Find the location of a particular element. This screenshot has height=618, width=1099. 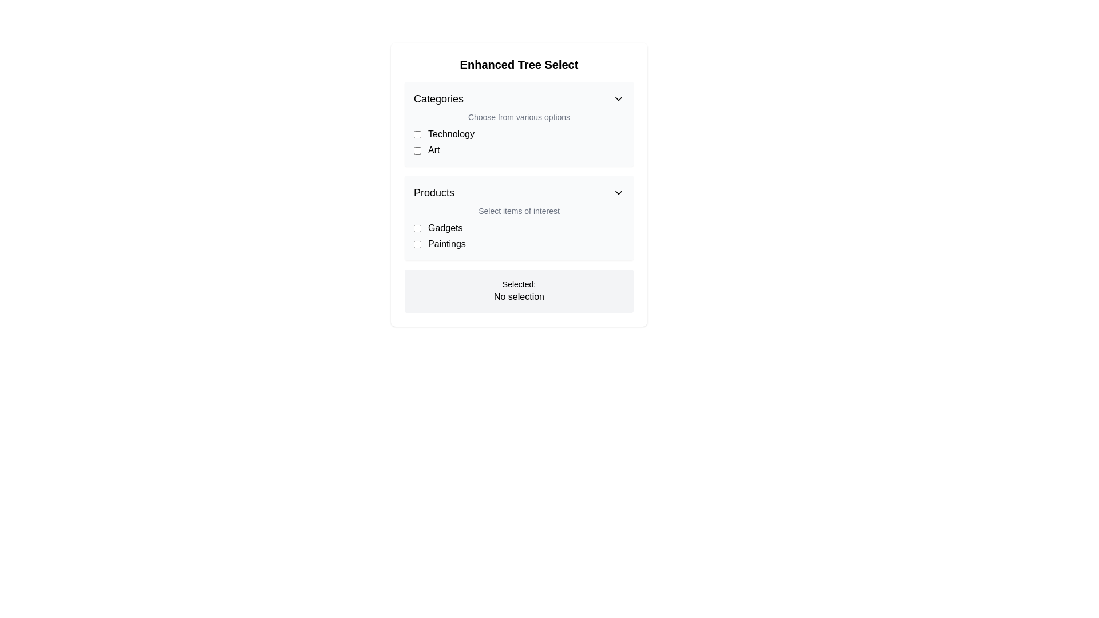

the small square checkbox located to the left of the 'Technology' label in the 'Categories' section is located at coordinates (417, 134).